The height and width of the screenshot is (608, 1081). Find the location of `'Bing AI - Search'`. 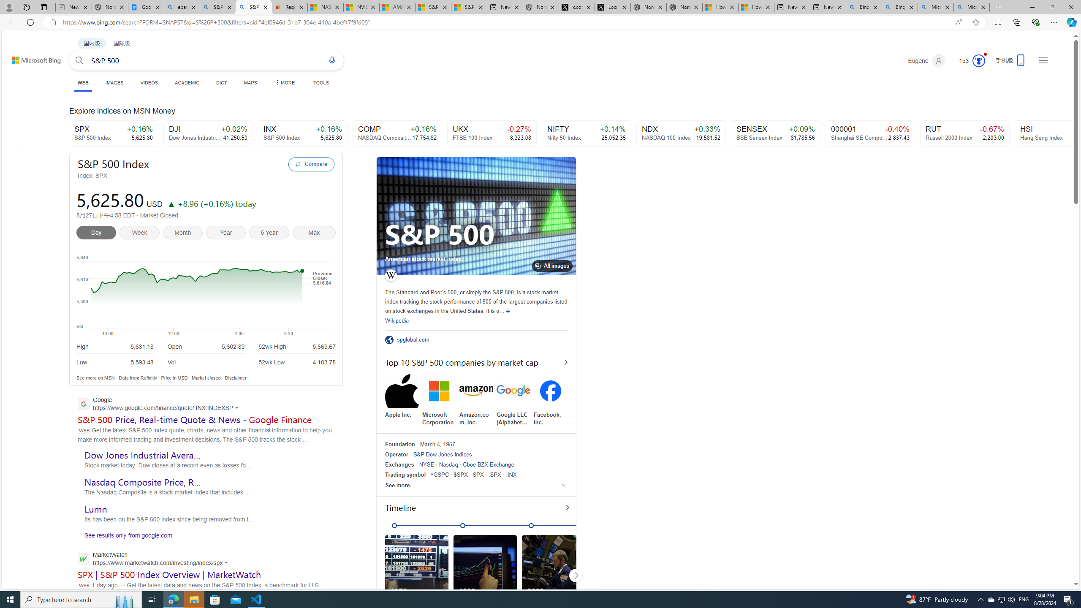

'Bing AI - Search' is located at coordinates (899, 7).